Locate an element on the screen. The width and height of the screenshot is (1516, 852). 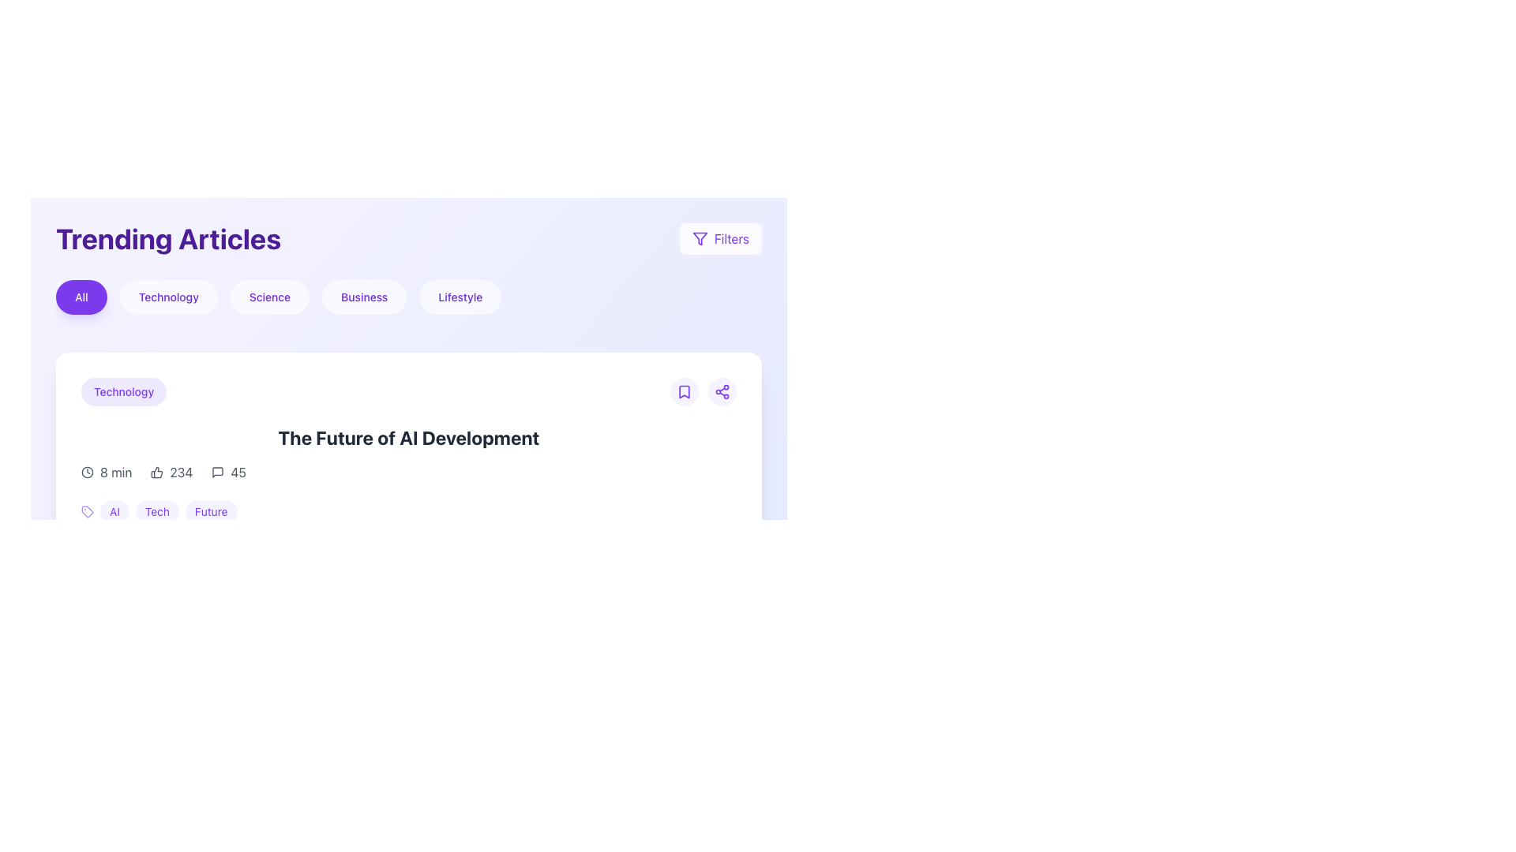
the first button with a rounded edge, soft violet background, and a bookmark icon is located at coordinates (685, 391).